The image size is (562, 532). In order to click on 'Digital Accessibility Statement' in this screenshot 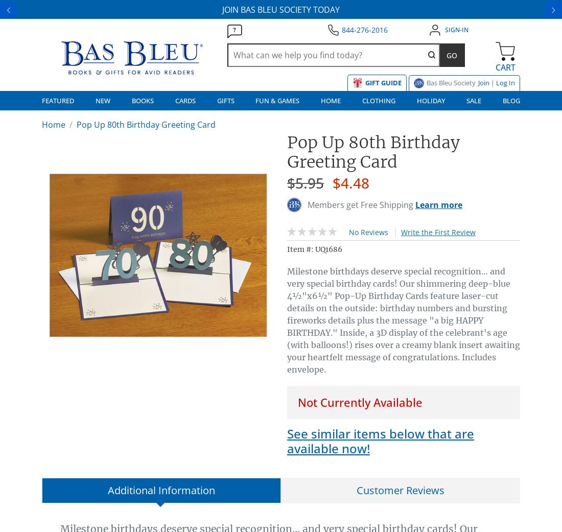, I will do `click(41, 283)`.